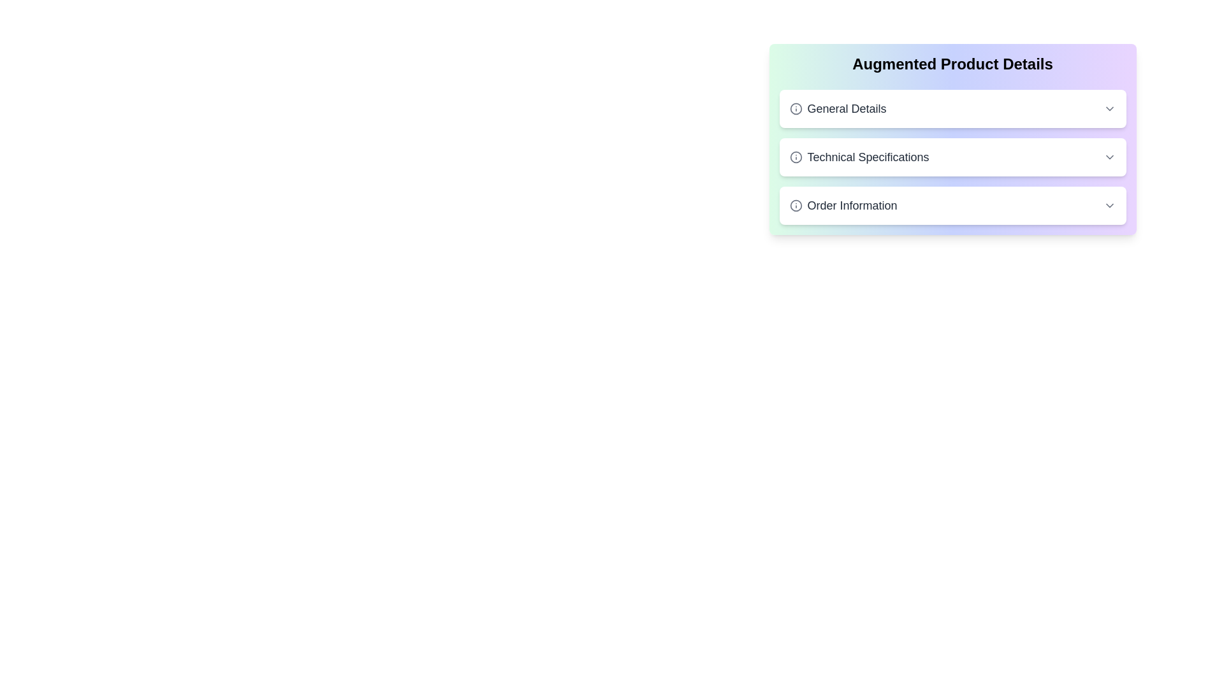 This screenshot has height=688, width=1224. I want to click on the downward-pointing chevron icon located at the right end of the 'Technical Specifications' item, so click(1109, 156).